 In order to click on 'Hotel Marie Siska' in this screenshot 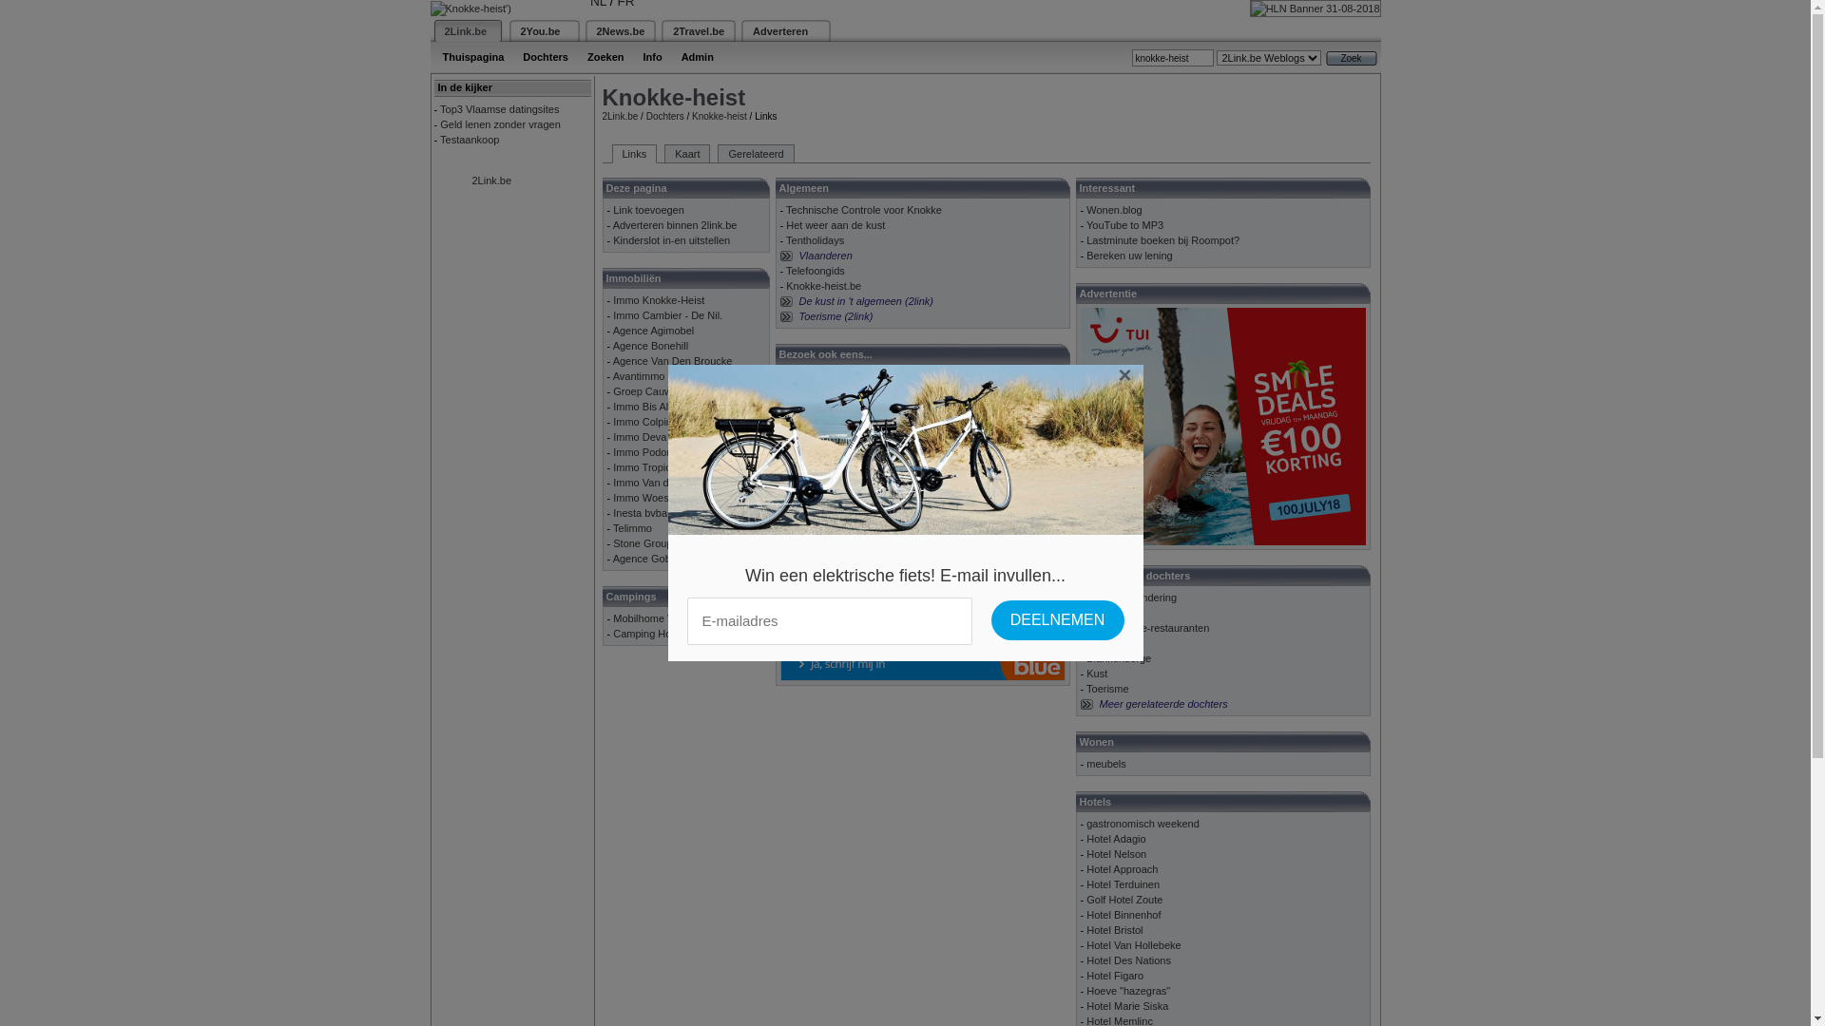, I will do `click(1085, 1005)`.